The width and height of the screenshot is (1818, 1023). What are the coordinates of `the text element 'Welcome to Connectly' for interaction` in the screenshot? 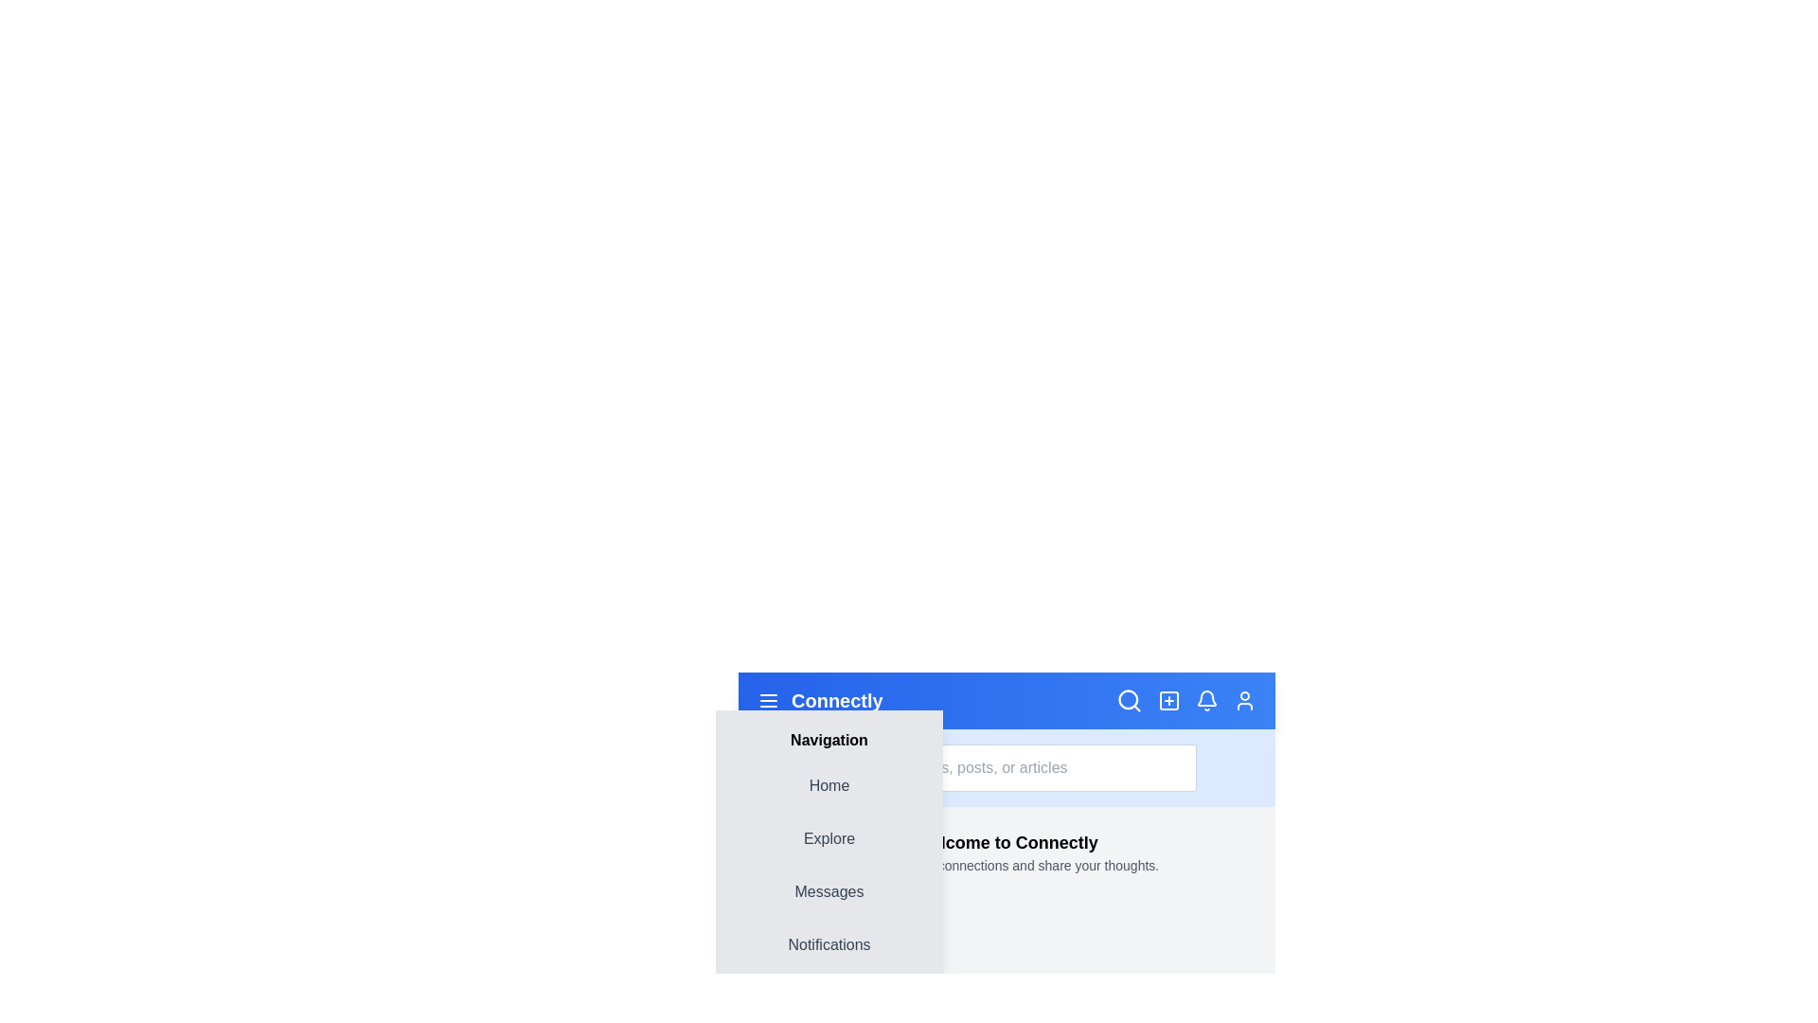 It's located at (1006, 842).